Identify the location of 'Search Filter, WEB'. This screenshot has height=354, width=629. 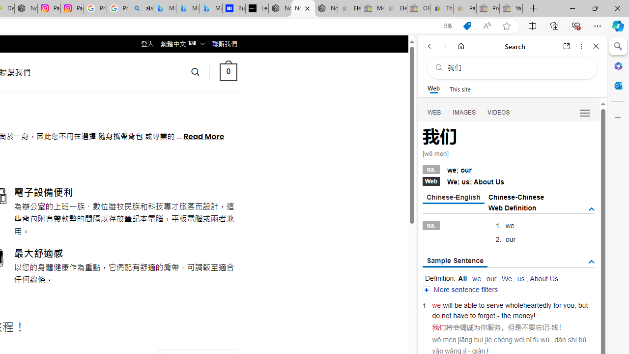
(434, 112).